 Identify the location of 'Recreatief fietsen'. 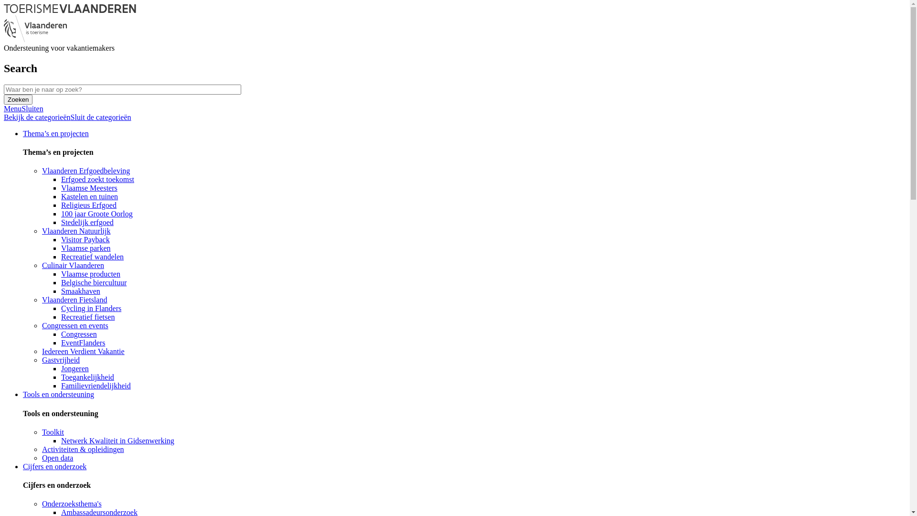
(87, 317).